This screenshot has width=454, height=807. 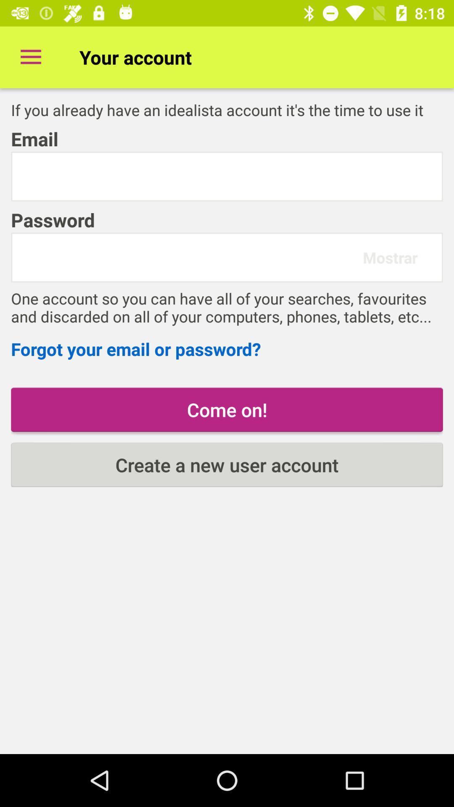 I want to click on type password, so click(x=190, y=257).